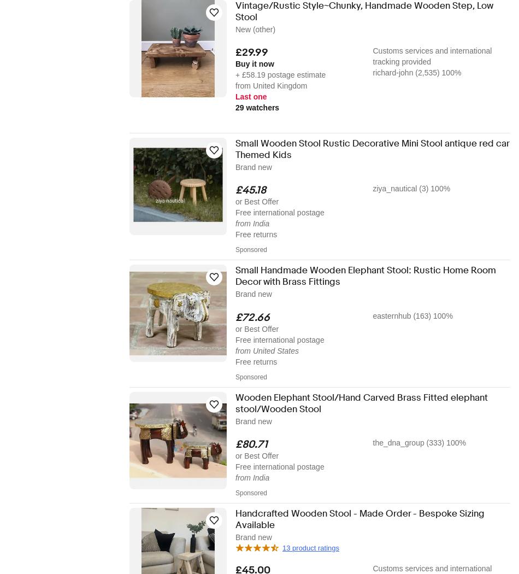 The width and height of the screenshot is (519, 574). Describe the element at coordinates (235, 443) in the screenshot. I see `'£80.71'` at that location.